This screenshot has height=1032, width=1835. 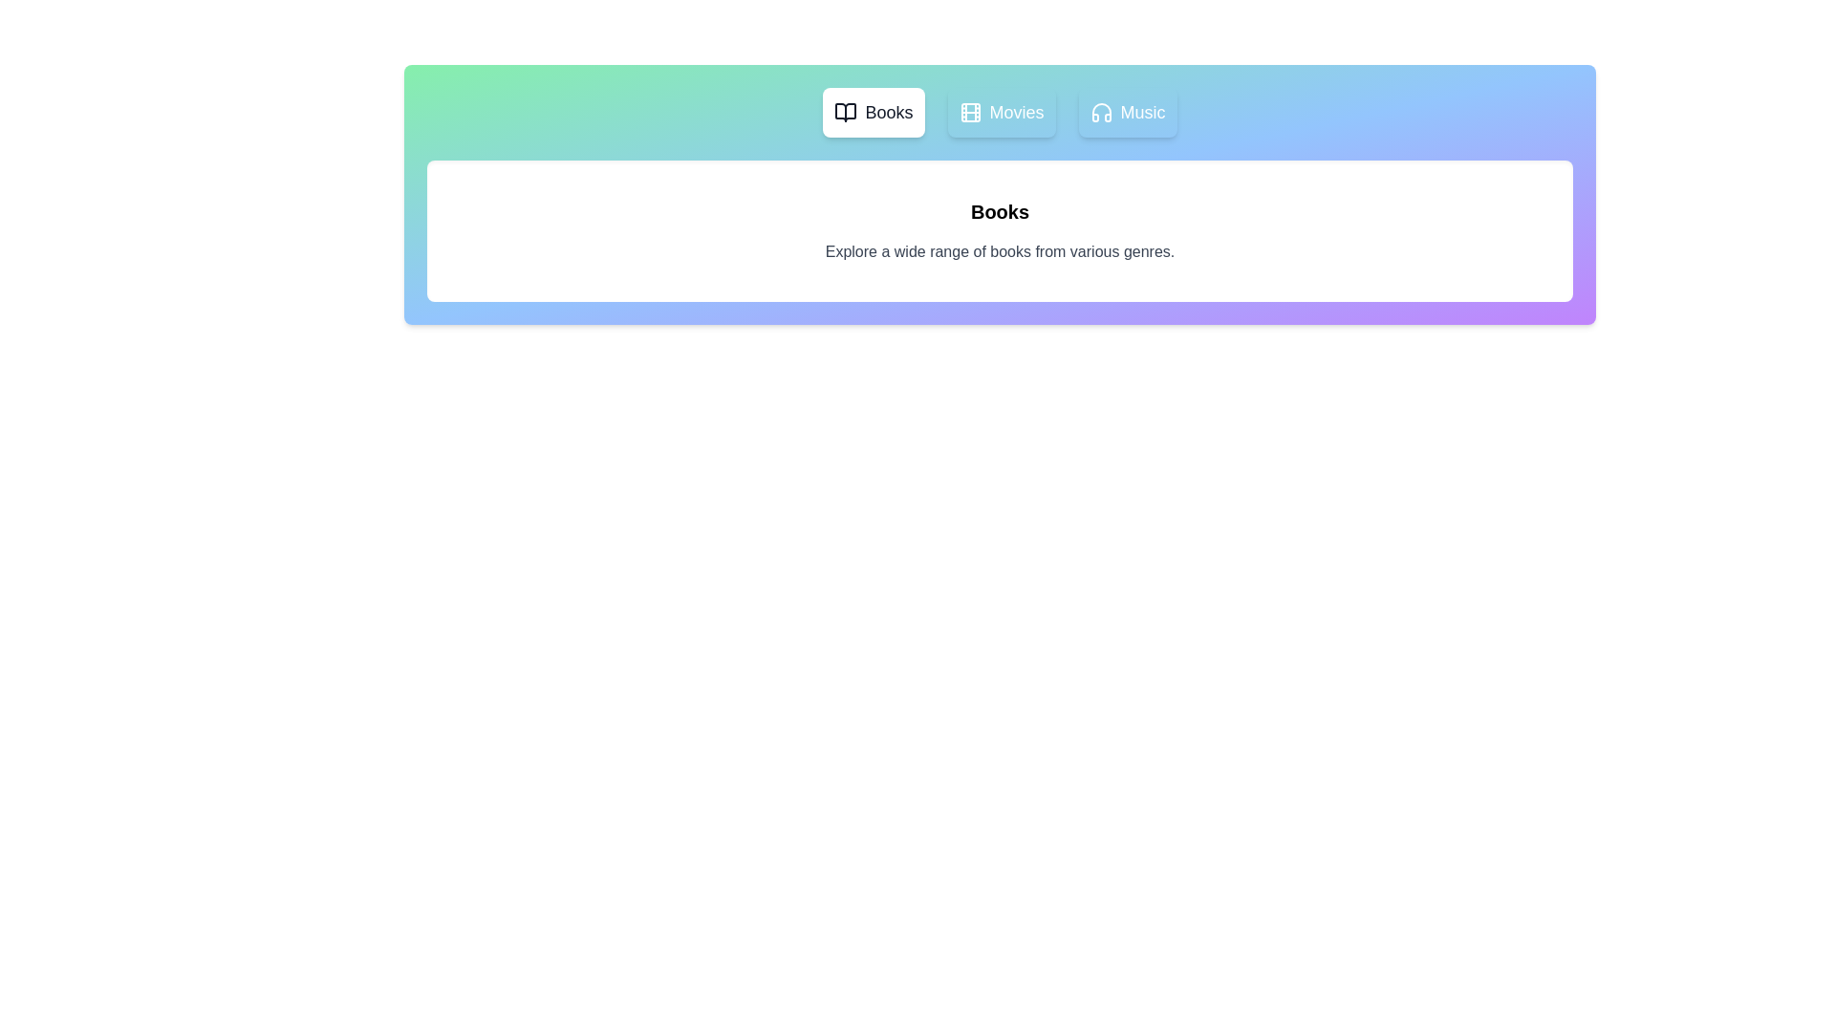 I want to click on the Music tab to view its hover effect, so click(x=1128, y=113).